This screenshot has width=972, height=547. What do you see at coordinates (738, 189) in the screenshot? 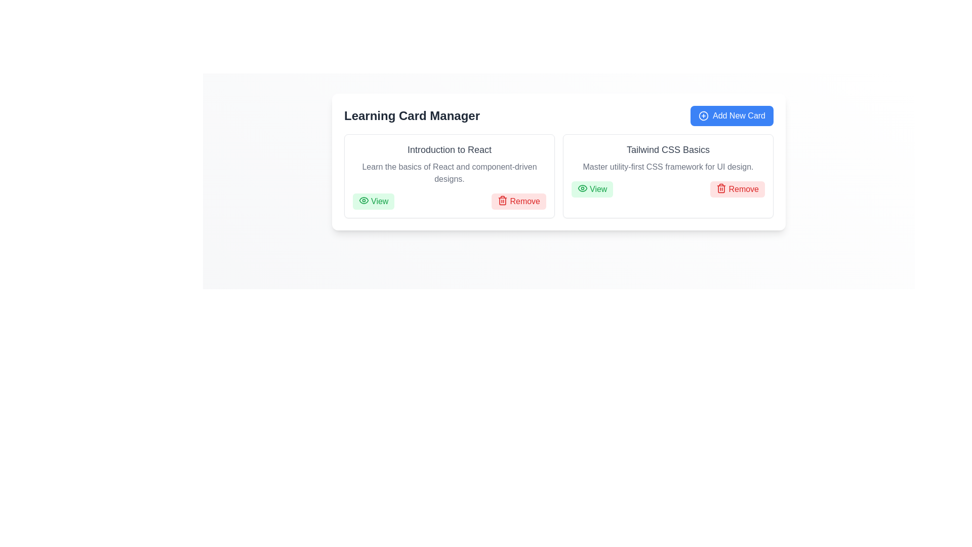
I see `the delete button located in the footer of the 'Tailwind CSS Basics' card, positioned to the right of the 'View' button, to observe the hover effect` at bounding box center [738, 189].